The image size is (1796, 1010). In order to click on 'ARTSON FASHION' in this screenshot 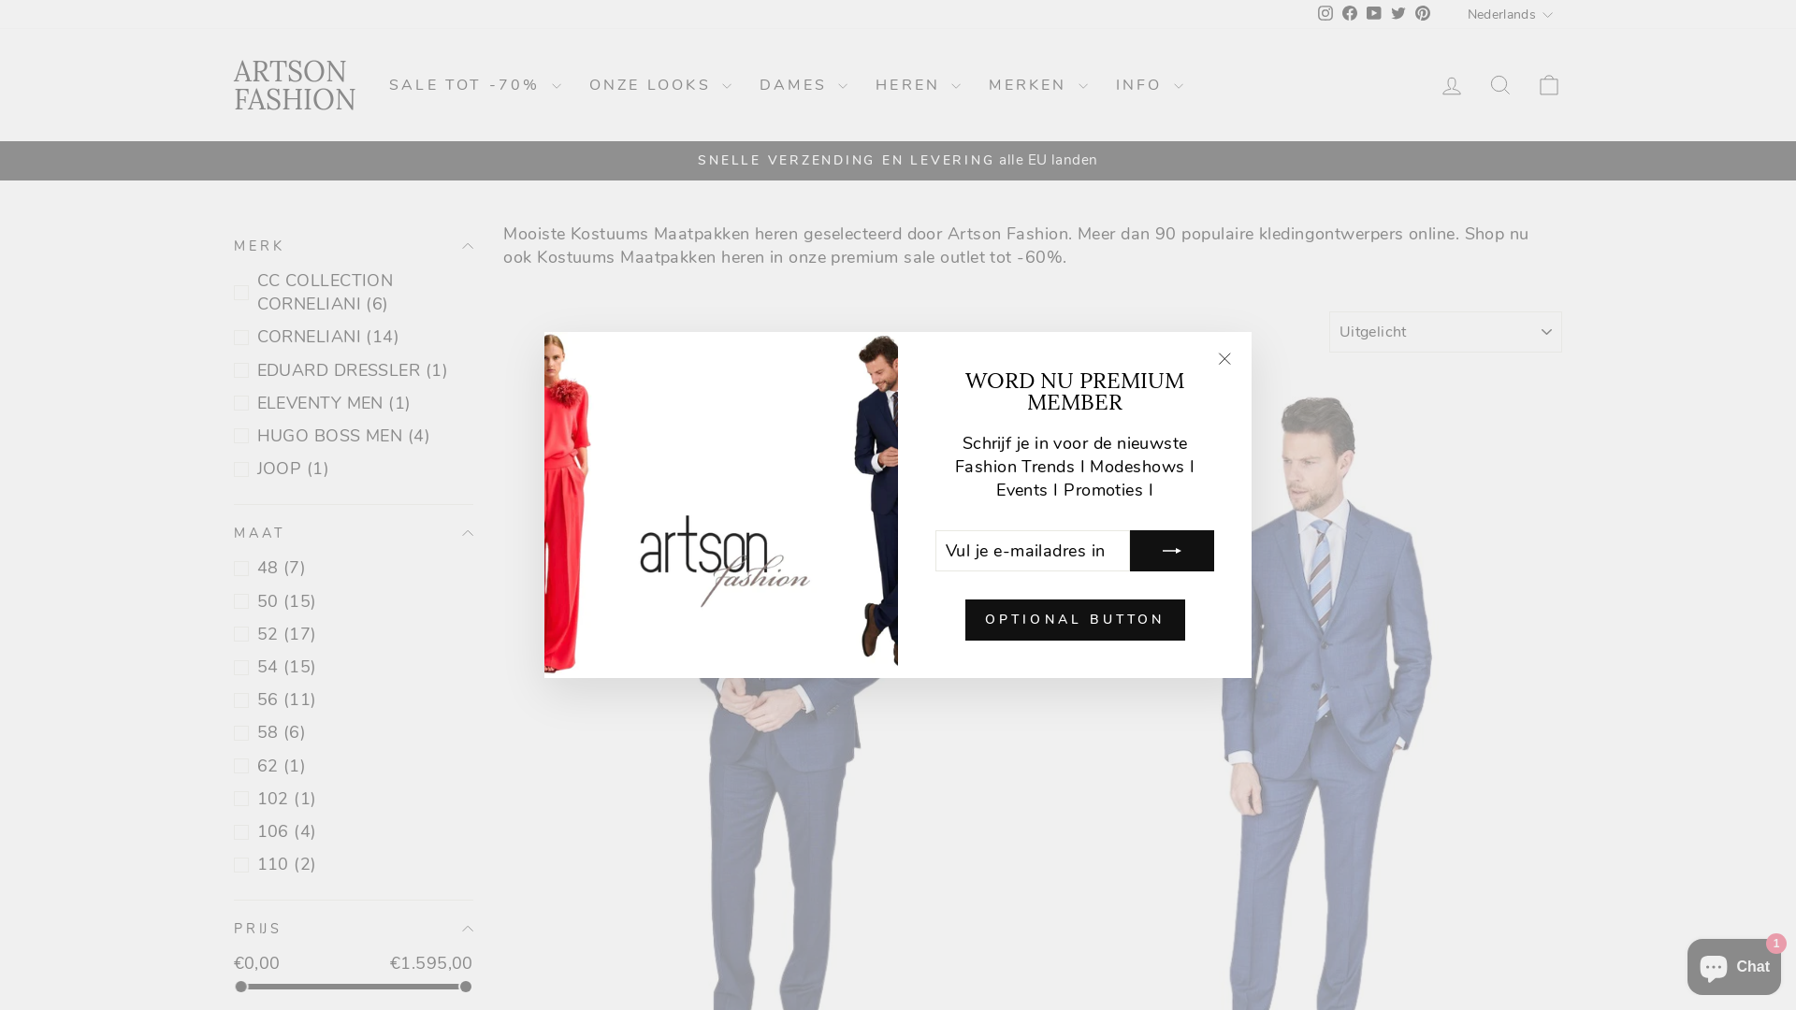, I will do `click(294, 85)`.